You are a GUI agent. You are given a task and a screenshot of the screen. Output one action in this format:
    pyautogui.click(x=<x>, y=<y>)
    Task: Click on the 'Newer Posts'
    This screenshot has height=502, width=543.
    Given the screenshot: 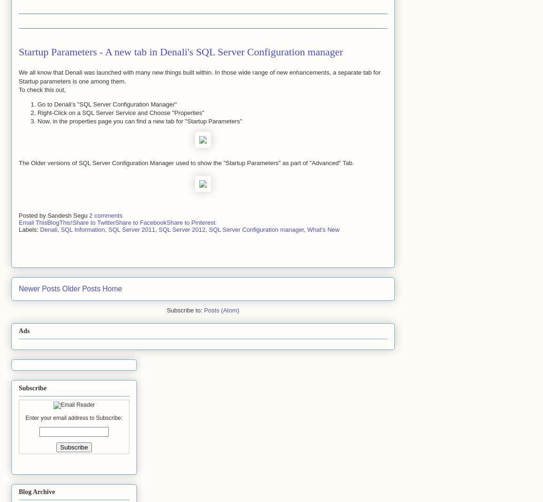 What is the action you would take?
    pyautogui.click(x=18, y=288)
    